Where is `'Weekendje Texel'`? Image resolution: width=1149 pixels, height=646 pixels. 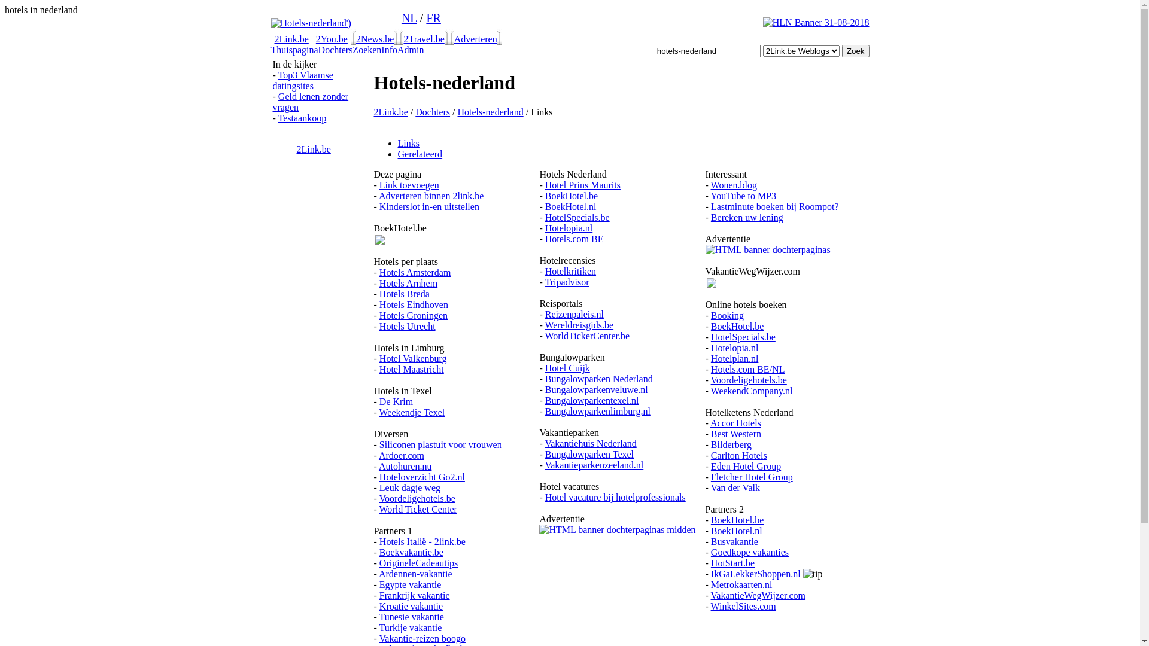
'Weekendje Texel' is located at coordinates (378, 412).